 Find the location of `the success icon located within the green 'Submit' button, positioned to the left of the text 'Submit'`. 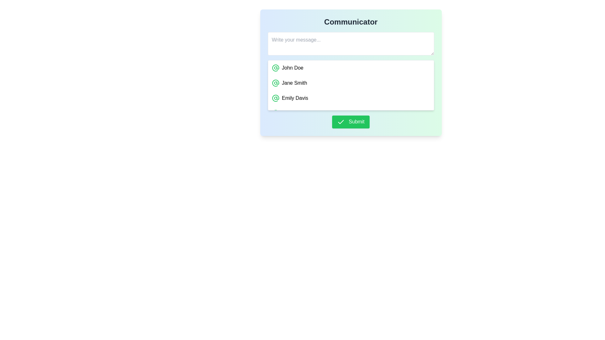

the success icon located within the green 'Submit' button, positioned to the left of the text 'Submit' is located at coordinates (341, 122).